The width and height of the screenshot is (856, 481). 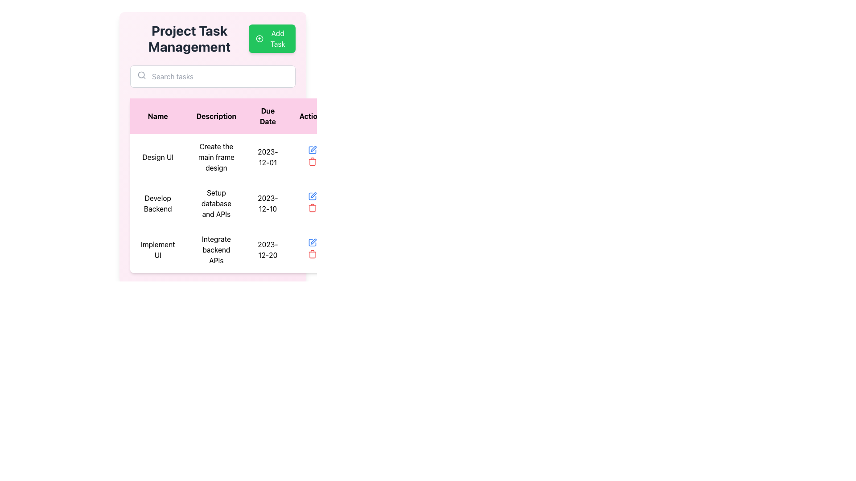 What do you see at coordinates (141, 74) in the screenshot?
I see `the circle element representing the lens of the magnifying glass, which is part of the search icon located at the top left inside the search input field area` at bounding box center [141, 74].